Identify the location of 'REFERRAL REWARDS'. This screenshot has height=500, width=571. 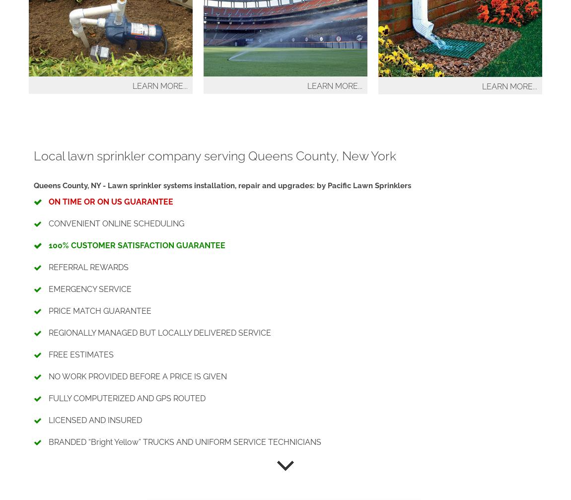
(87, 267).